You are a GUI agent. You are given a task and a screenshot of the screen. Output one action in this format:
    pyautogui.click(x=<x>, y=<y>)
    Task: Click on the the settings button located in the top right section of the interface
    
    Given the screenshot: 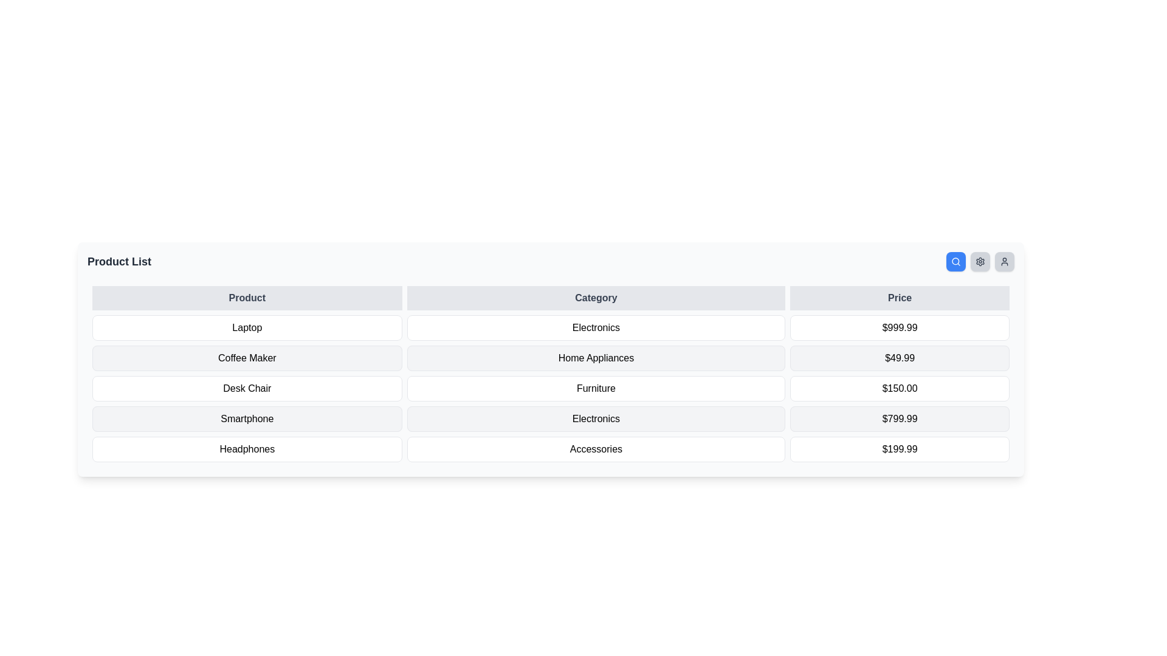 What is the action you would take?
    pyautogui.click(x=980, y=261)
    